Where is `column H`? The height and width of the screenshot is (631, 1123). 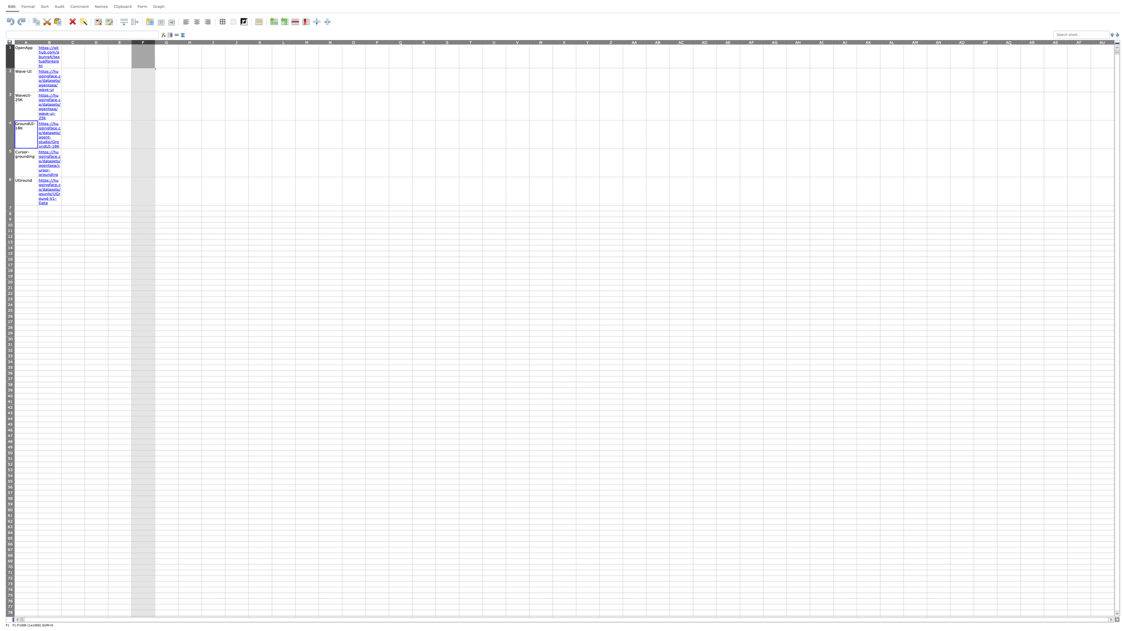
column H is located at coordinates (190, 41).